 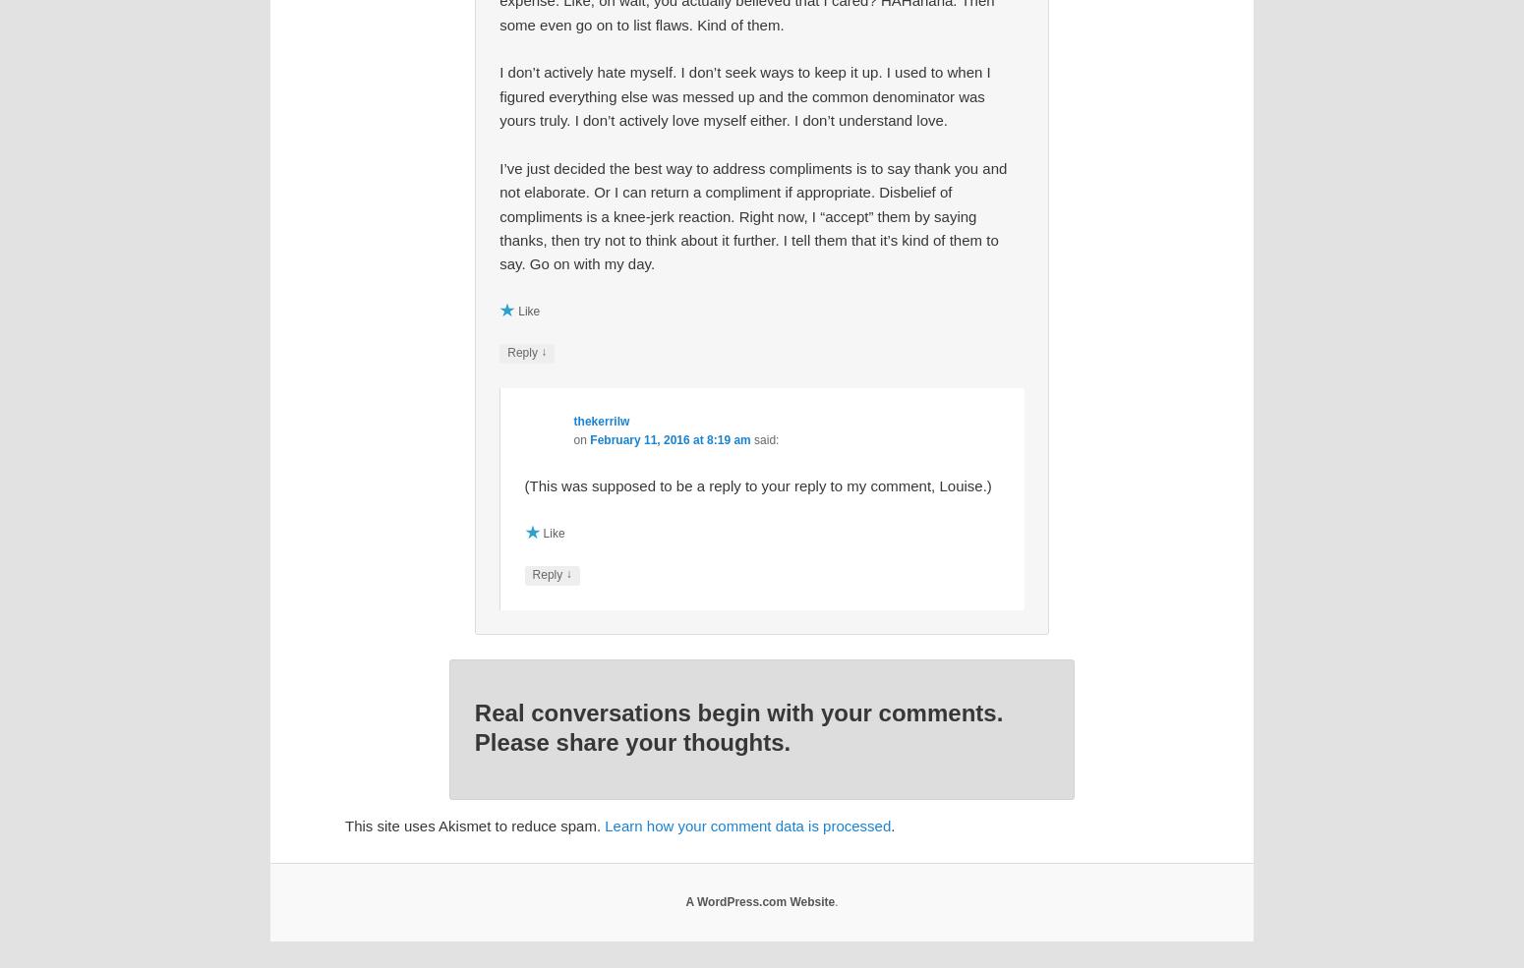 I want to click on 'thekerrilw', so click(x=601, y=419).